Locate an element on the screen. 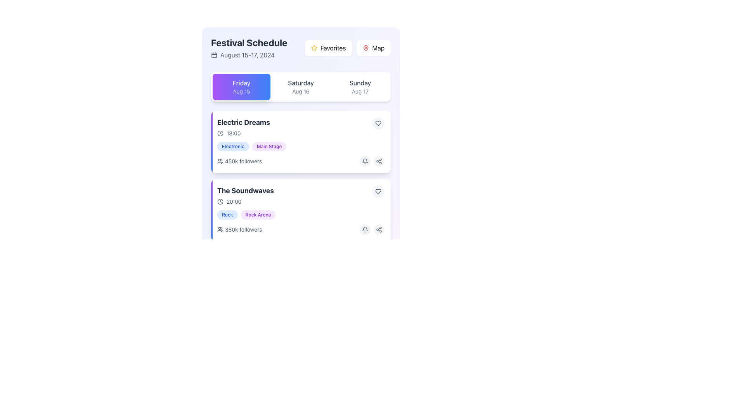 Image resolution: width=745 pixels, height=419 pixels. the icon inside the 'Map' button located at the top-right corner of the interface is located at coordinates (366, 48).